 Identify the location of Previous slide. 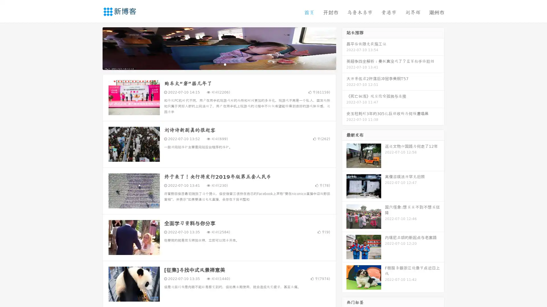
(94, 48).